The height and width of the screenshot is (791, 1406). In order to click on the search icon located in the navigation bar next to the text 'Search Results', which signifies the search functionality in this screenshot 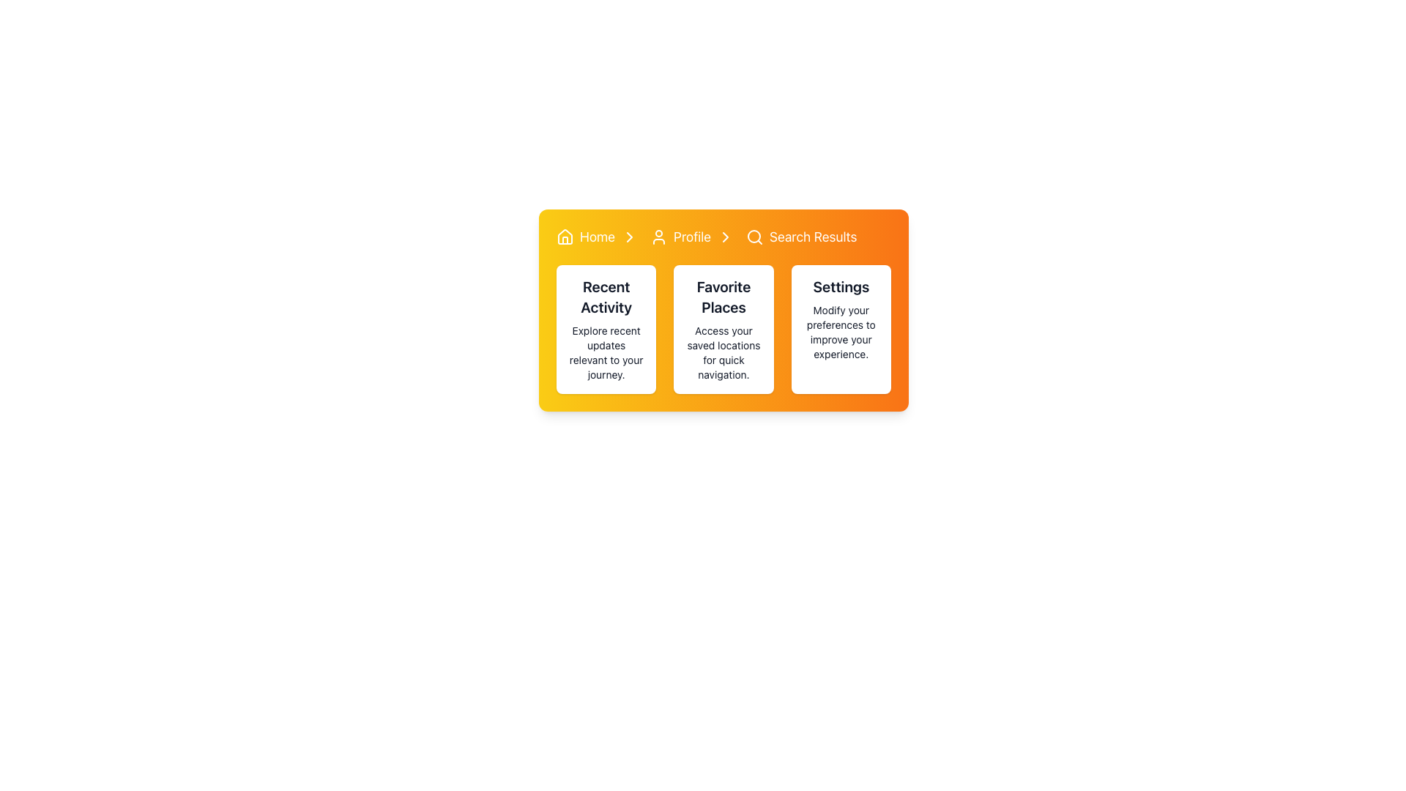, I will do `click(754, 236)`.